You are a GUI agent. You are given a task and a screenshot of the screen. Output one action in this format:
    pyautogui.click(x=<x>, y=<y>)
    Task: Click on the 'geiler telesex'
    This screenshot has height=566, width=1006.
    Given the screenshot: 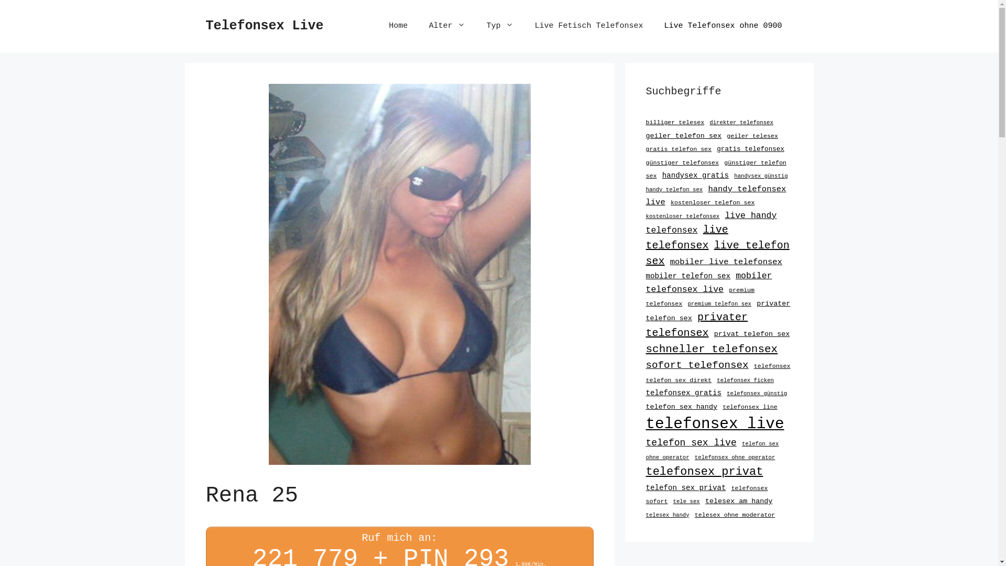 What is the action you would take?
    pyautogui.click(x=751, y=135)
    